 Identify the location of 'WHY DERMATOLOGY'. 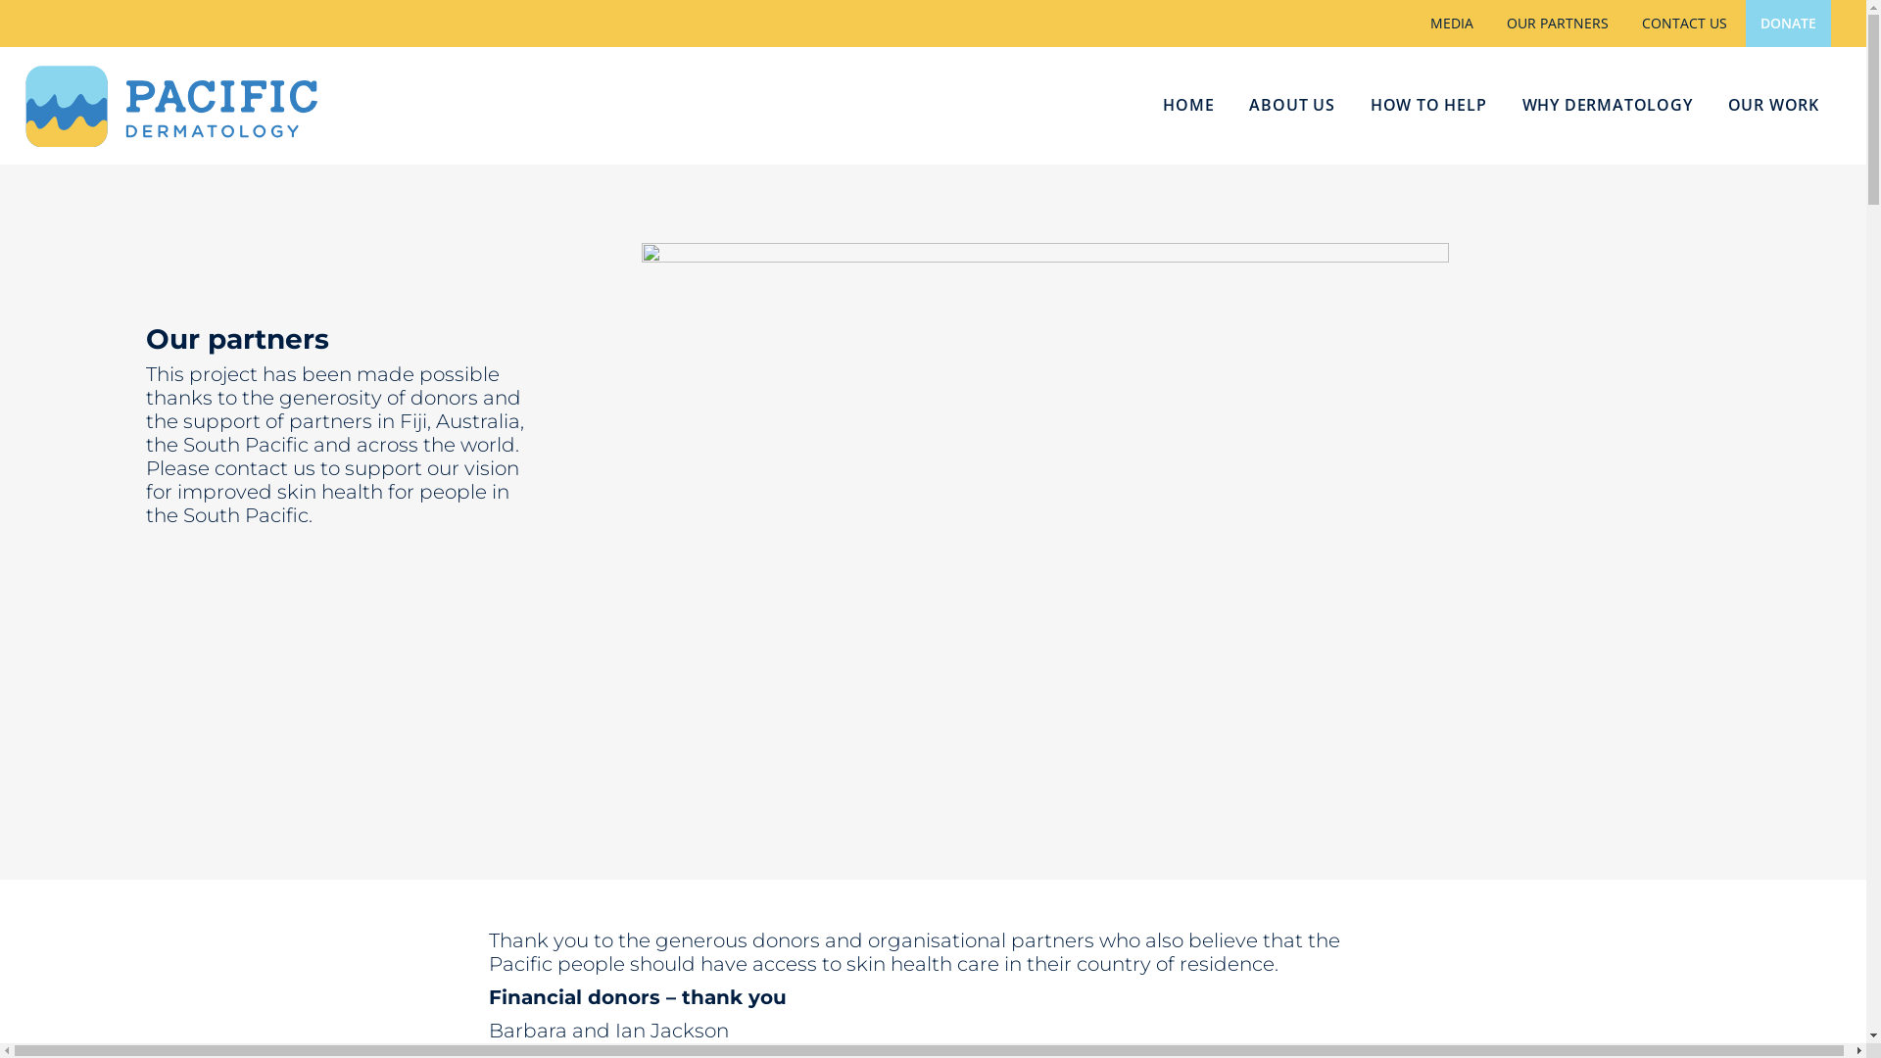
(1505, 106).